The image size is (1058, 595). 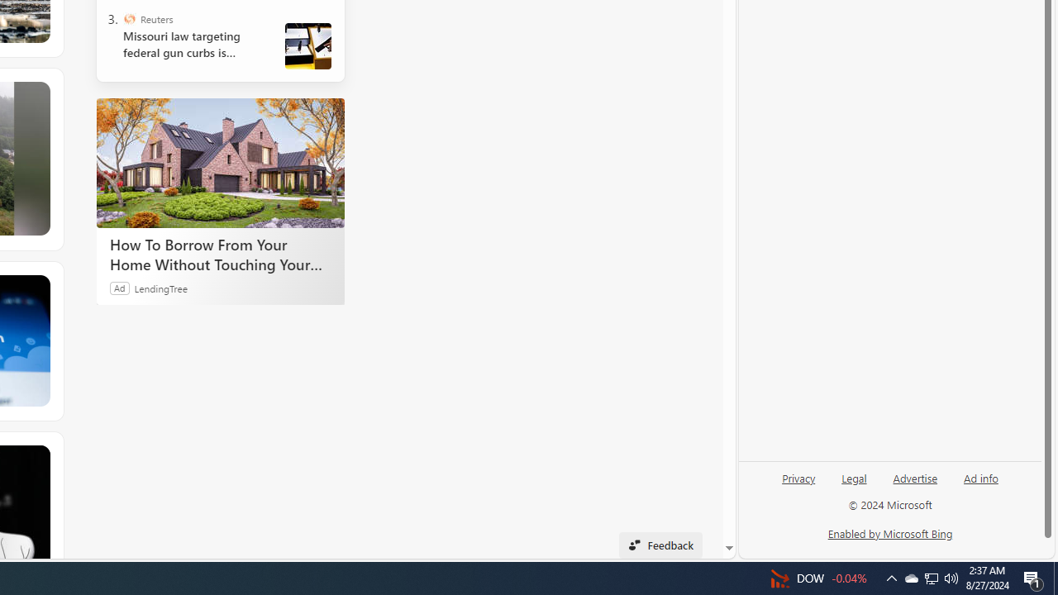 I want to click on 'Advertise', so click(x=914, y=483).